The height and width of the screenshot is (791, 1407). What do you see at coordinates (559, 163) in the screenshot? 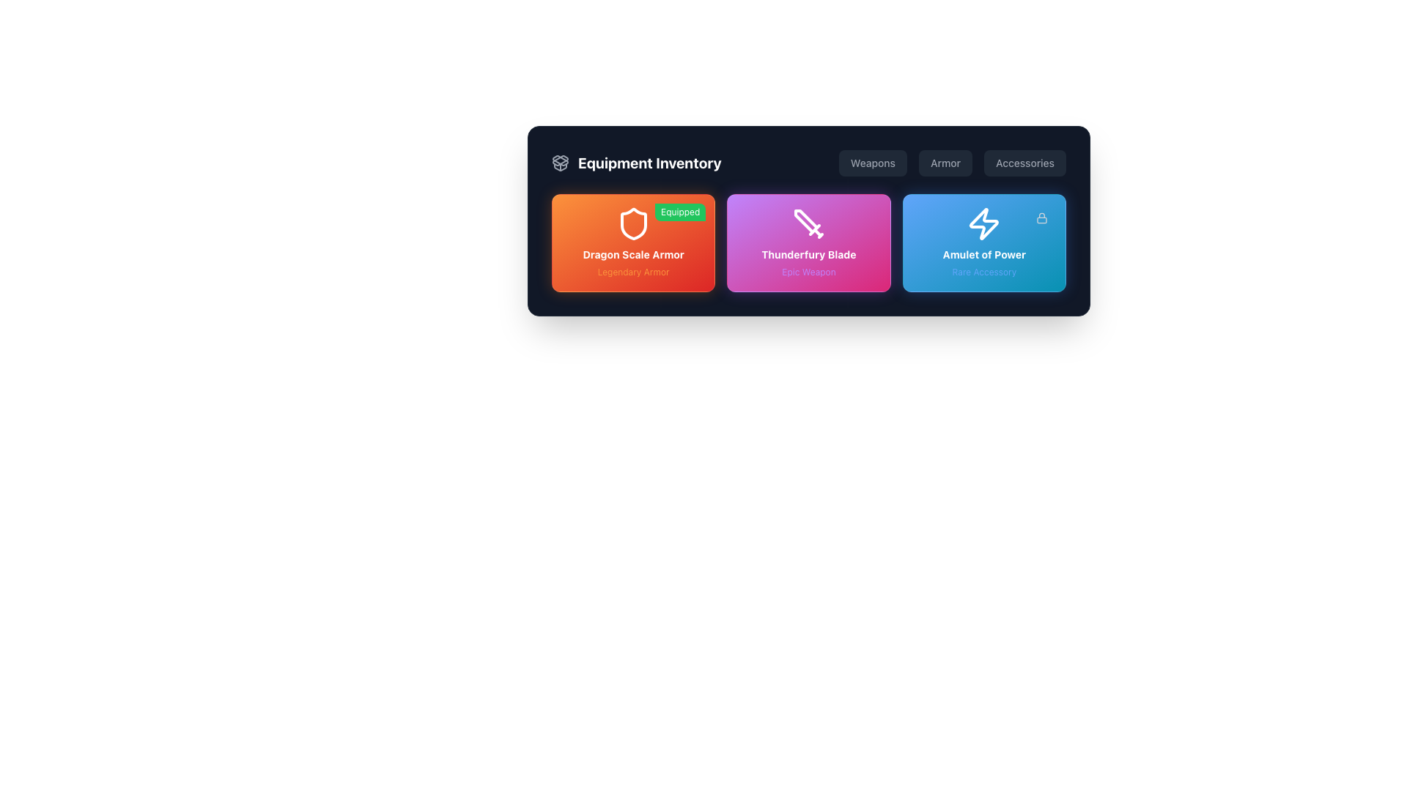
I see `the inventory management icon located to the far left of the 'Equipment Inventory' section header` at bounding box center [559, 163].